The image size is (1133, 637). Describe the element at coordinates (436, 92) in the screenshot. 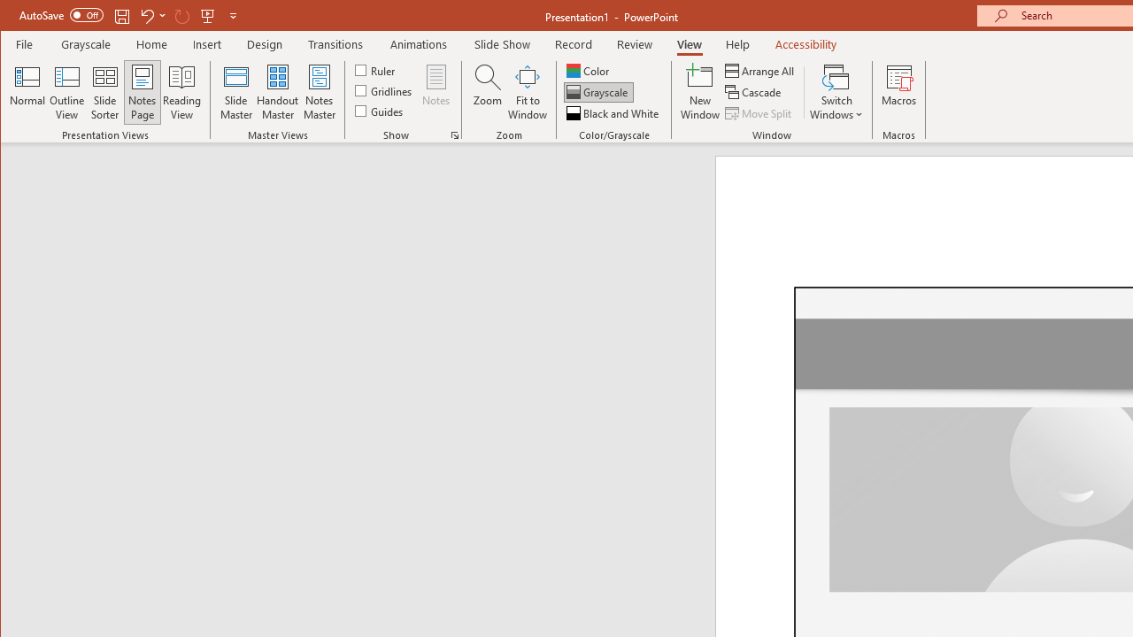

I see `'Notes'` at that location.